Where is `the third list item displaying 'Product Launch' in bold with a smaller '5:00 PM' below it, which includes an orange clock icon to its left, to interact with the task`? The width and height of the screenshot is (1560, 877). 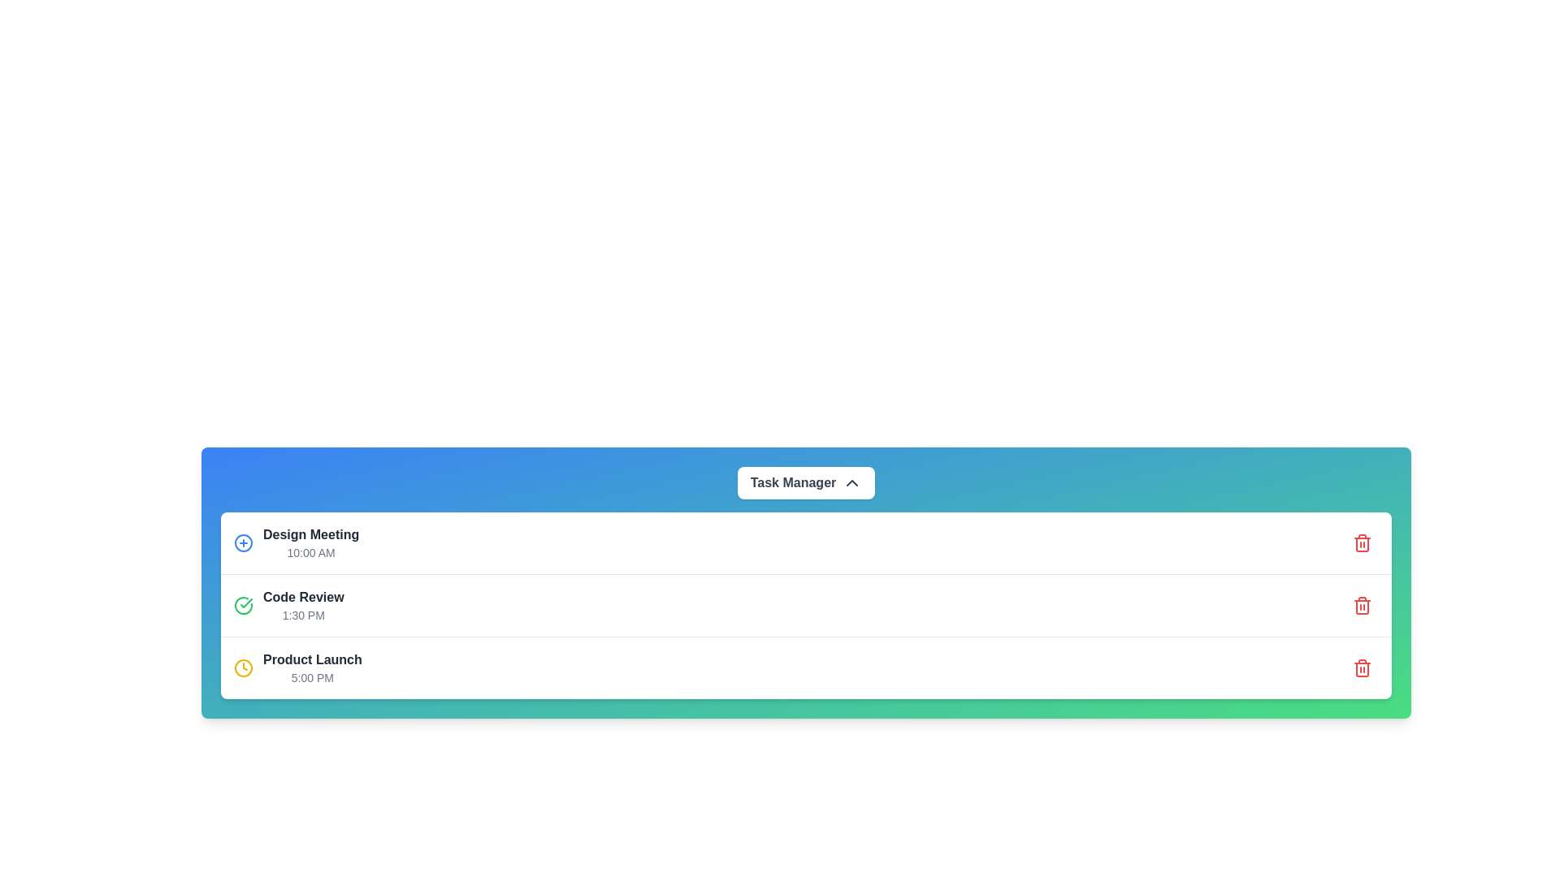
the third list item displaying 'Product Launch' in bold with a smaller '5:00 PM' below it, which includes an orange clock icon to its left, to interact with the task is located at coordinates (297, 667).